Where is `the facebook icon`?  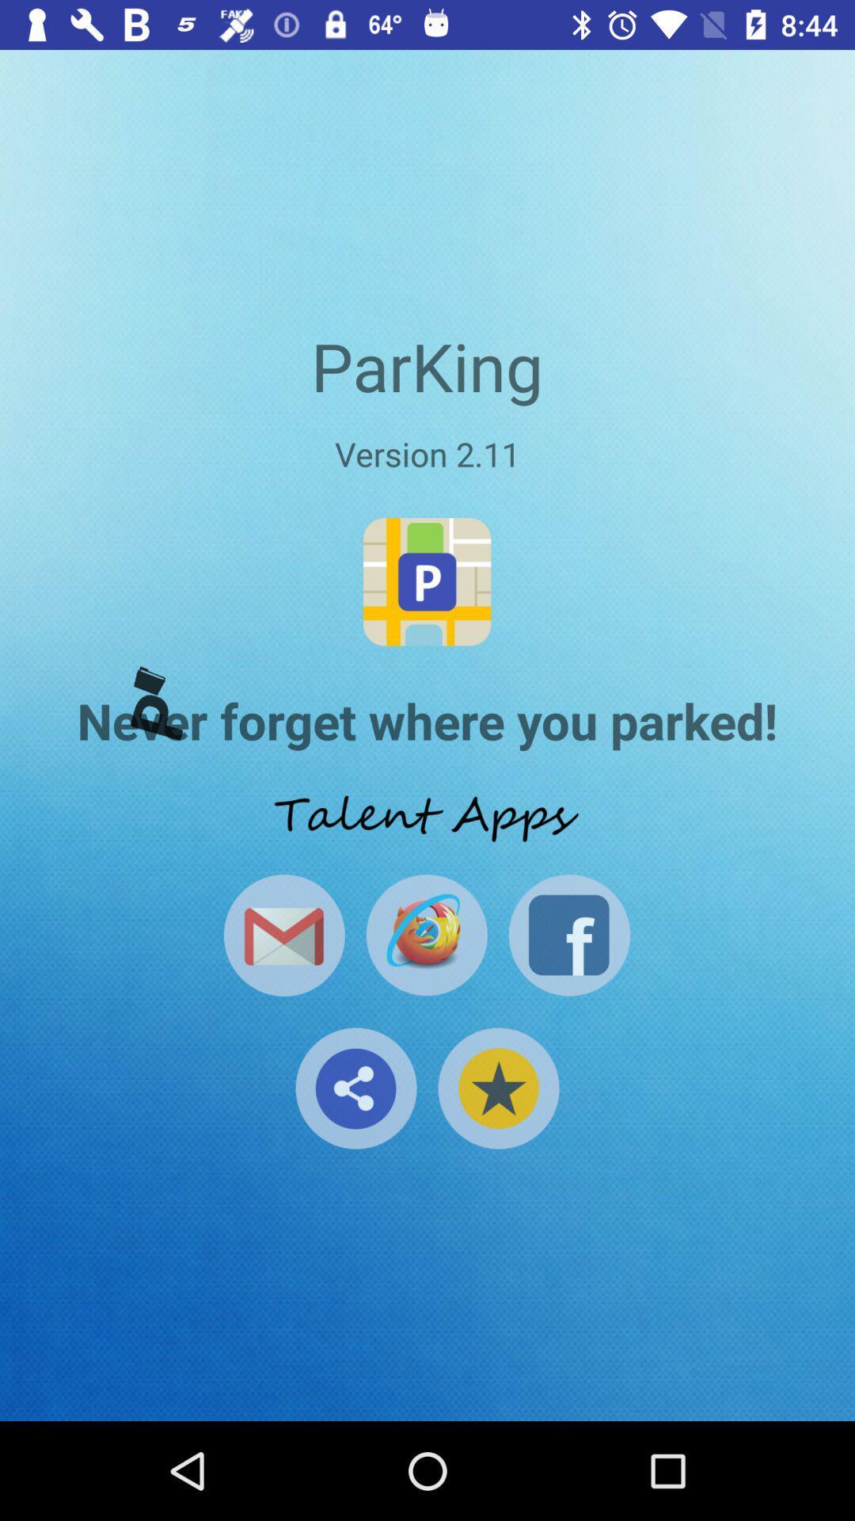 the facebook icon is located at coordinates (568, 935).